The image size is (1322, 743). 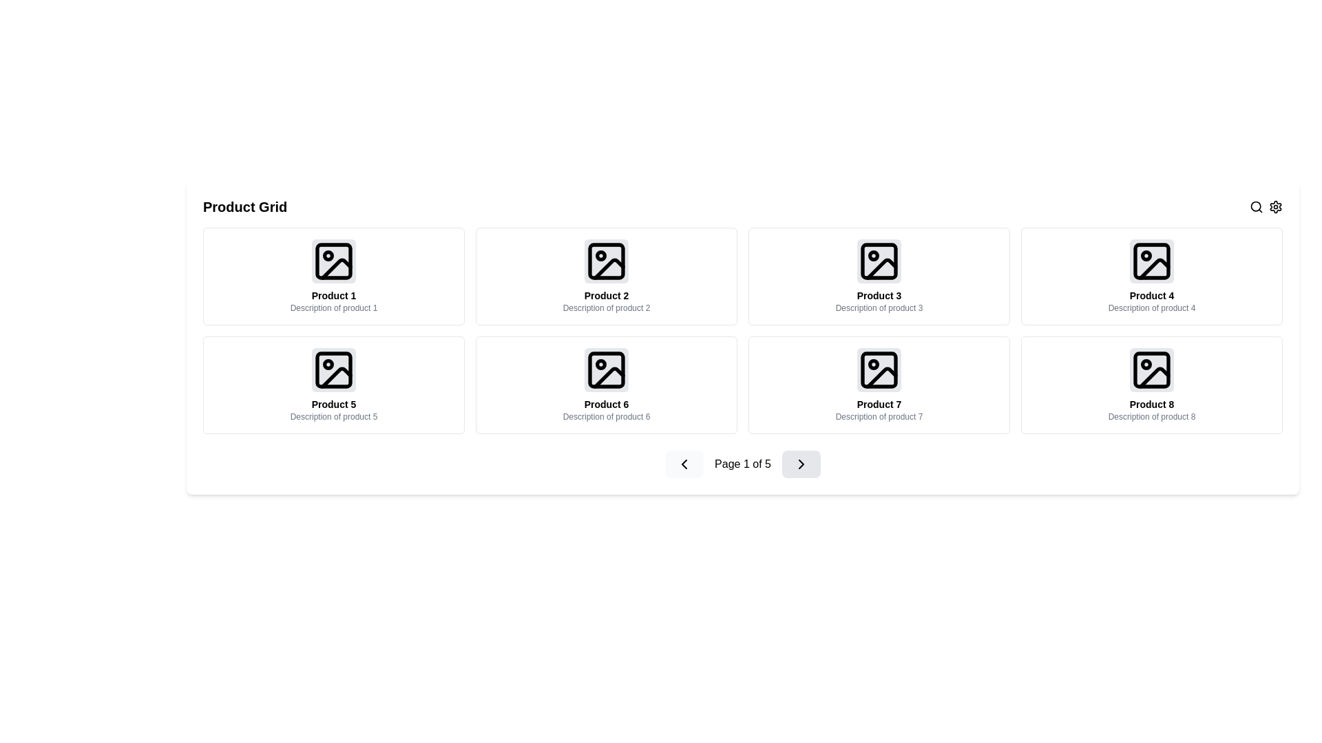 I want to click on the navigation icon located at the rightmost end of the navigation bar, so click(x=801, y=464).